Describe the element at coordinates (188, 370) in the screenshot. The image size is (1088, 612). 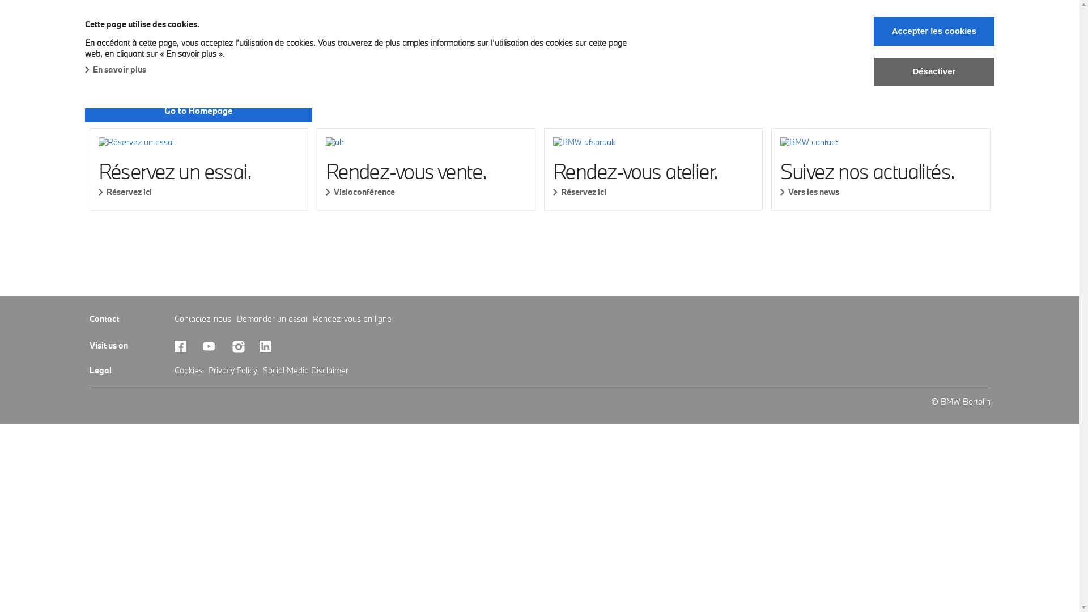
I see `'Cookies'` at that location.